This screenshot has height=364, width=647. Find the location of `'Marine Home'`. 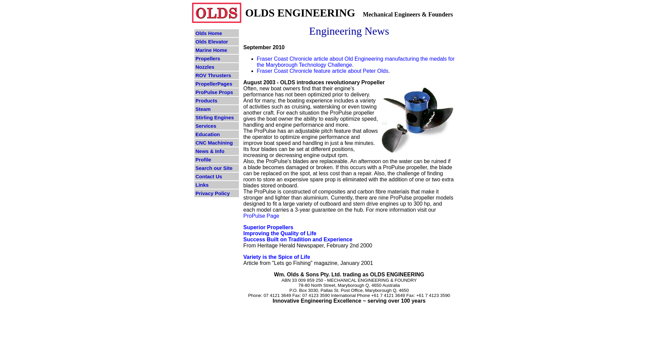

'Marine Home' is located at coordinates (217, 50).